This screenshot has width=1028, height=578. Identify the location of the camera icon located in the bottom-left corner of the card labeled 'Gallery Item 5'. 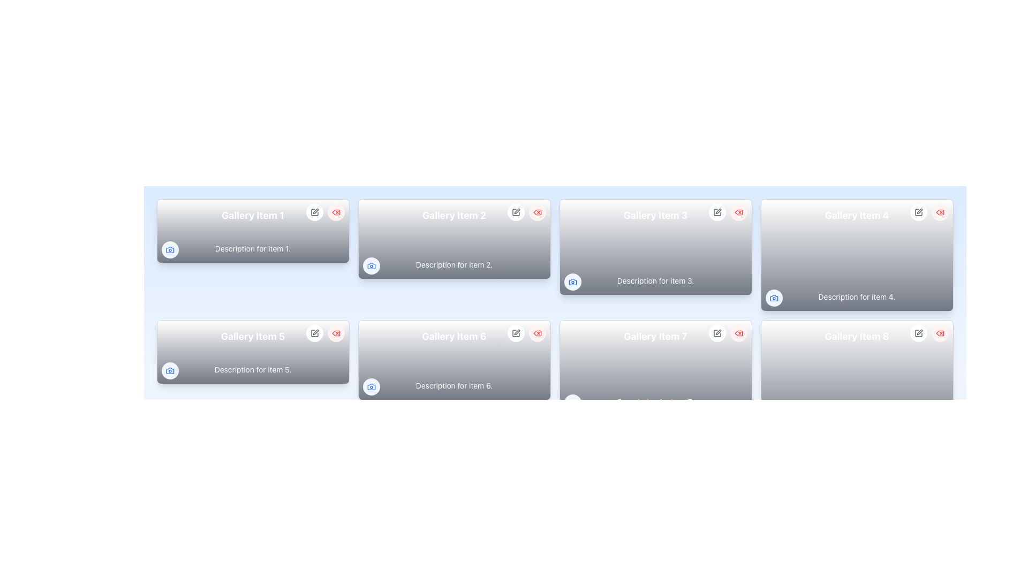
(169, 370).